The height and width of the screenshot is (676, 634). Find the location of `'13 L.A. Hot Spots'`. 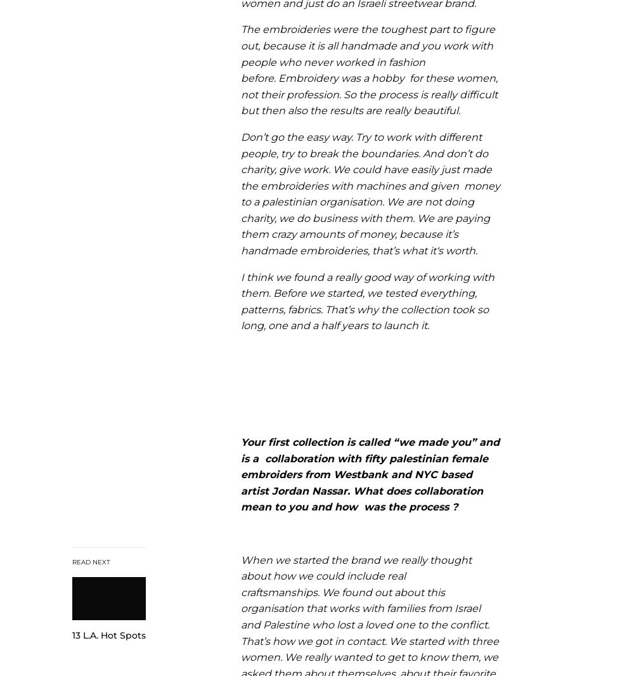

'13 L.A. Hot Spots' is located at coordinates (109, 635).